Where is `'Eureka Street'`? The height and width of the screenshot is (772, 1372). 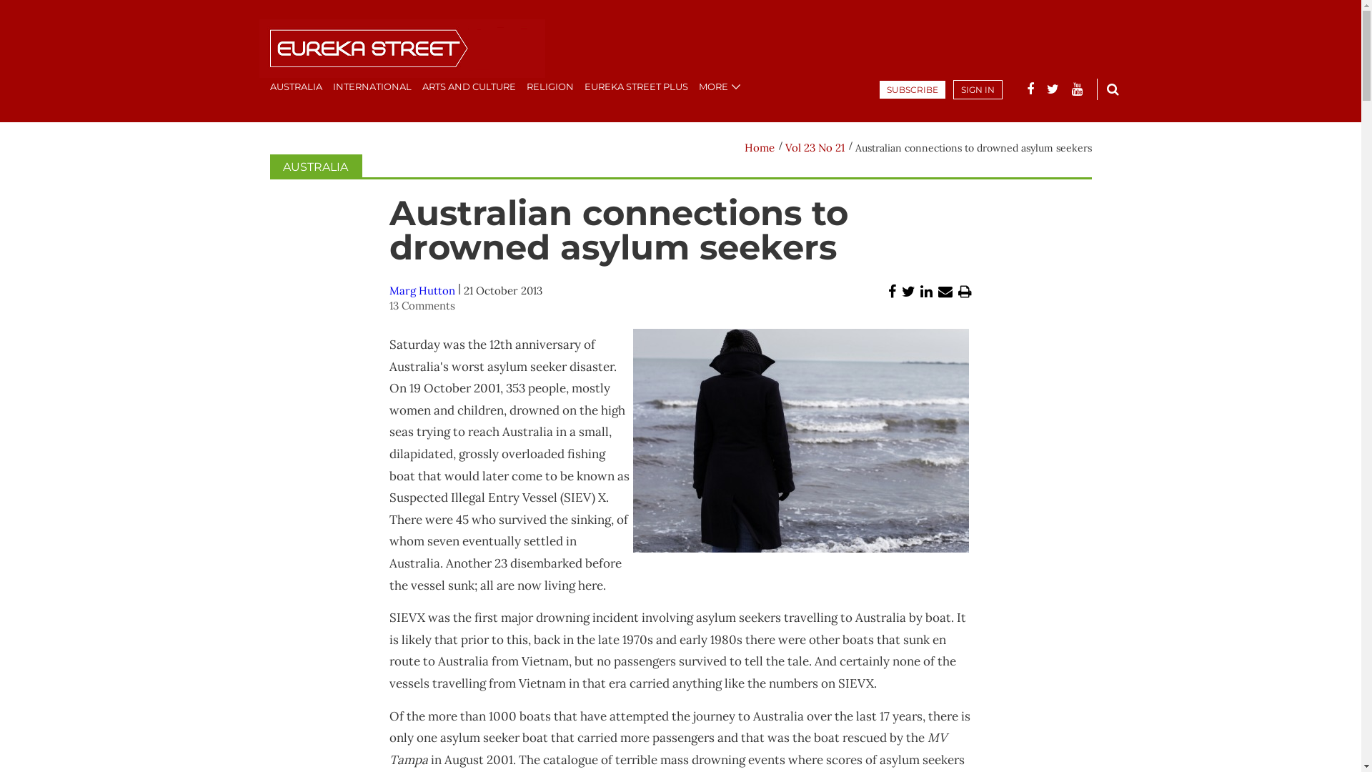 'Eureka Street' is located at coordinates (400, 49).